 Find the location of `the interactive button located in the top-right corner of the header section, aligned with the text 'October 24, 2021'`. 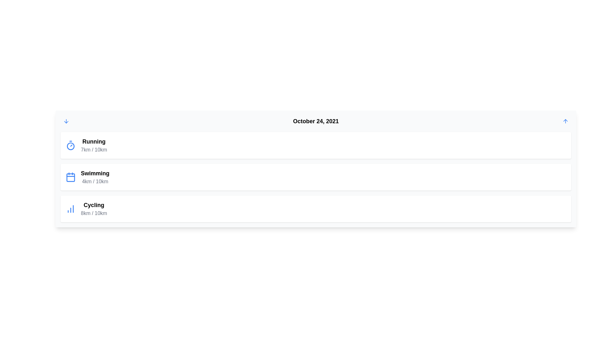

the interactive button located in the top-right corner of the header section, aligned with the text 'October 24, 2021' is located at coordinates (565, 121).